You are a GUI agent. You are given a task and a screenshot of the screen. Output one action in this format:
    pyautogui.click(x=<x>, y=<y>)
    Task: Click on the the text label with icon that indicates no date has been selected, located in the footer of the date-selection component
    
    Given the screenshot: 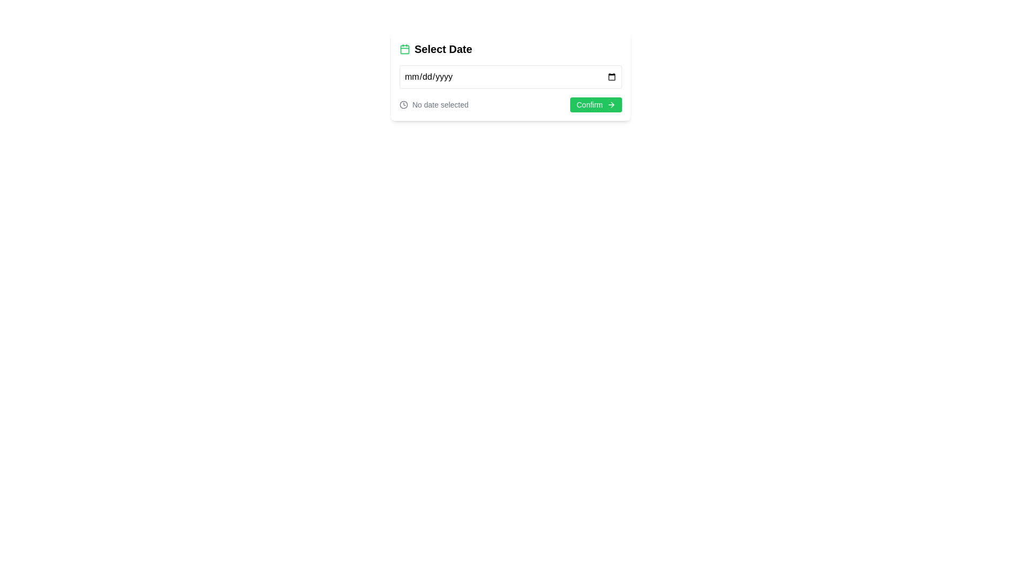 What is the action you would take?
    pyautogui.click(x=434, y=105)
    